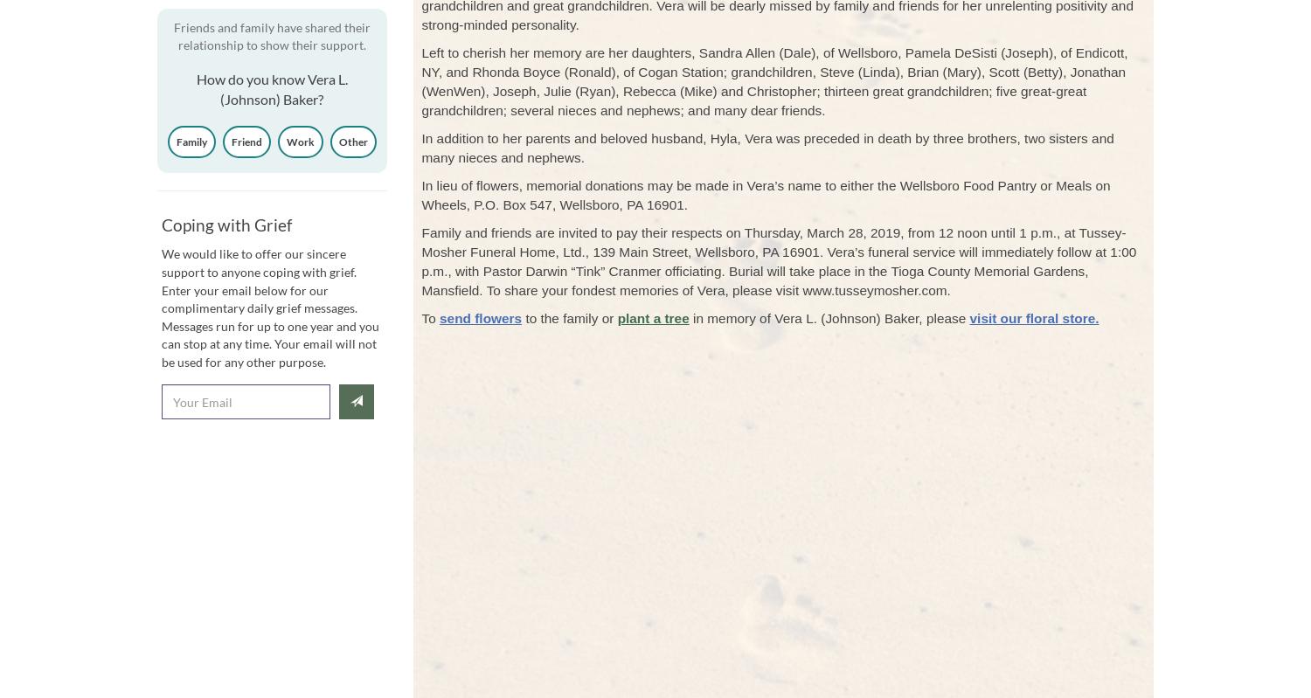 Image resolution: width=1311 pixels, height=698 pixels. Describe the element at coordinates (688, 317) in the screenshot. I see `'in memory of Vera L. (Johnson)  Baker, please'` at that location.